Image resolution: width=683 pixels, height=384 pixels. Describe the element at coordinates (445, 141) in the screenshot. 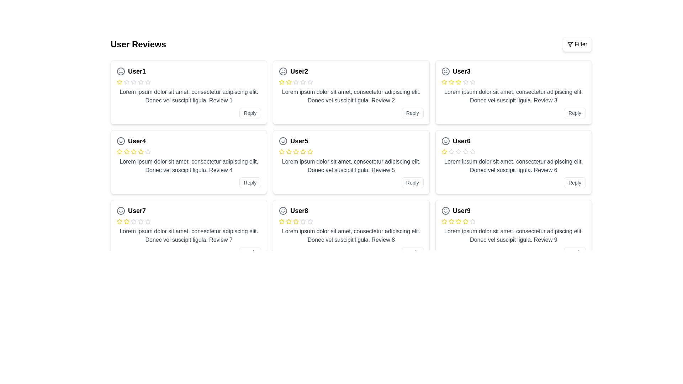

I see `the circle element in the smiley icon of the 'User6' review card, which symbolizes sentiment representation` at that location.